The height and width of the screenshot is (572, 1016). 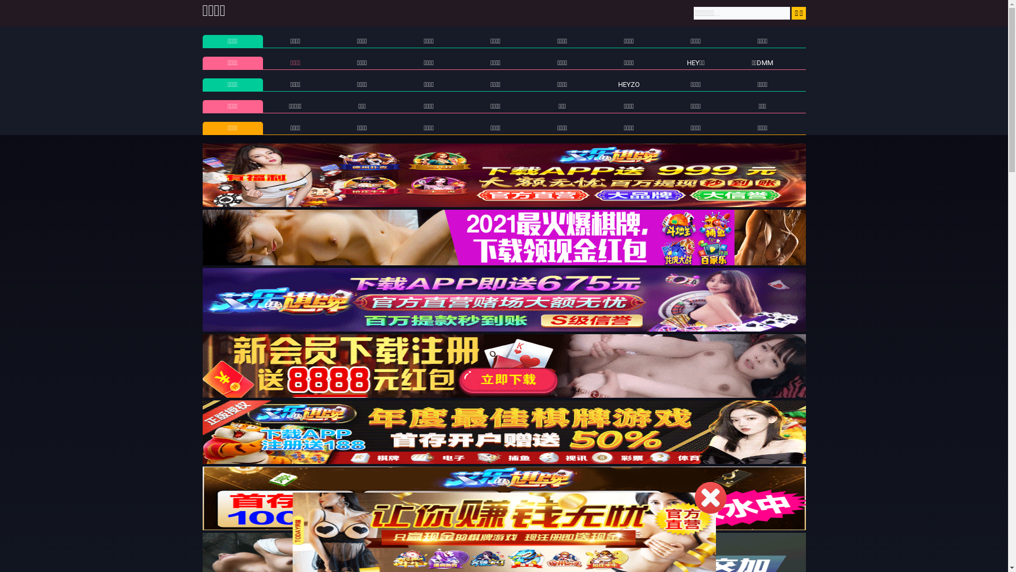 What do you see at coordinates (629, 84) in the screenshot?
I see `'HEYZO'` at bounding box center [629, 84].